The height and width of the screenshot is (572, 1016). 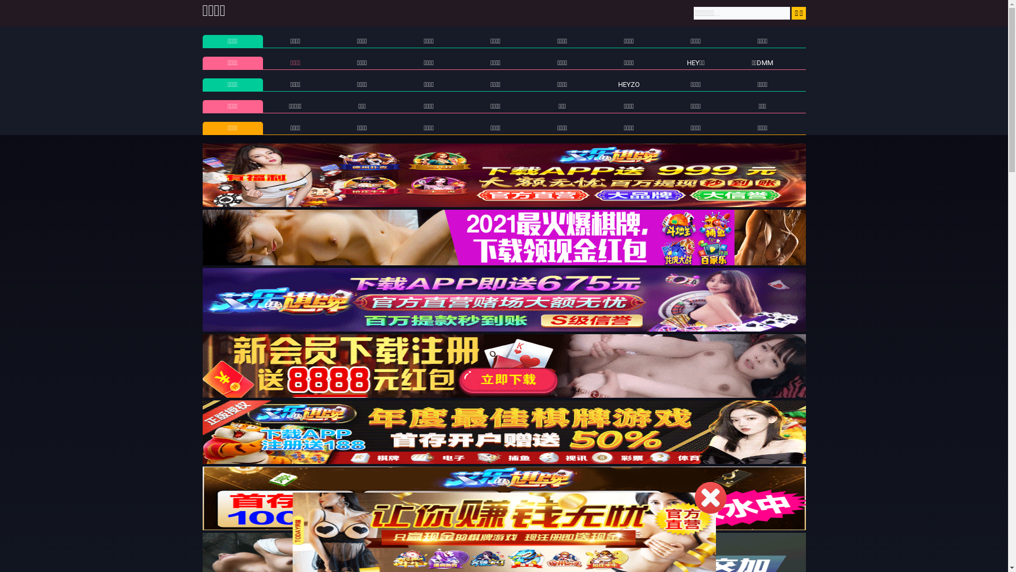 What do you see at coordinates (629, 84) in the screenshot?
I see `'HEYZO'` at bounding box center [629, 84].